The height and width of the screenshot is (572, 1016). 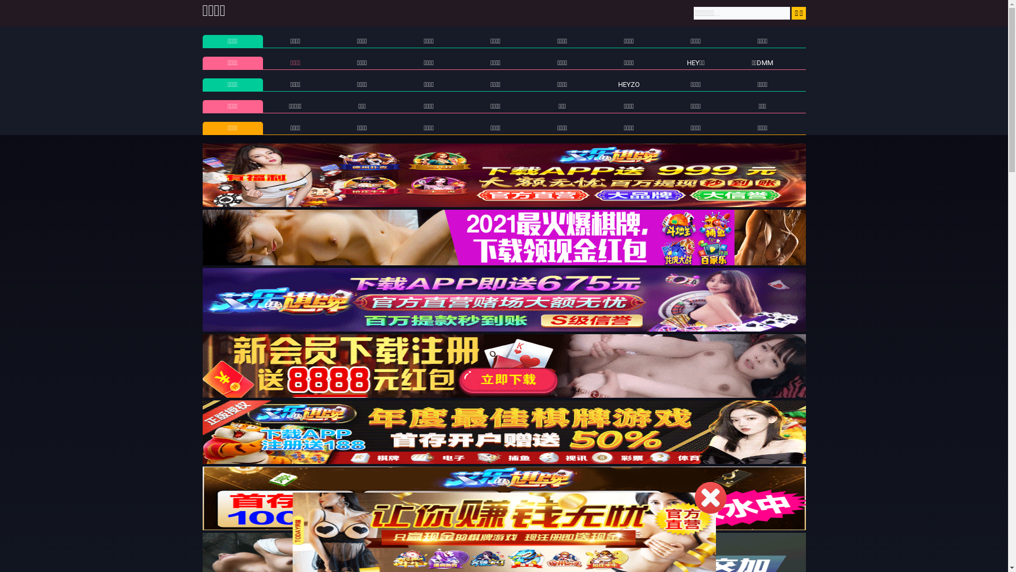 What do you see at coordinates (629, 84) in the screenshot?
I see `'HEYZO'` at bounding box center [629, 84].